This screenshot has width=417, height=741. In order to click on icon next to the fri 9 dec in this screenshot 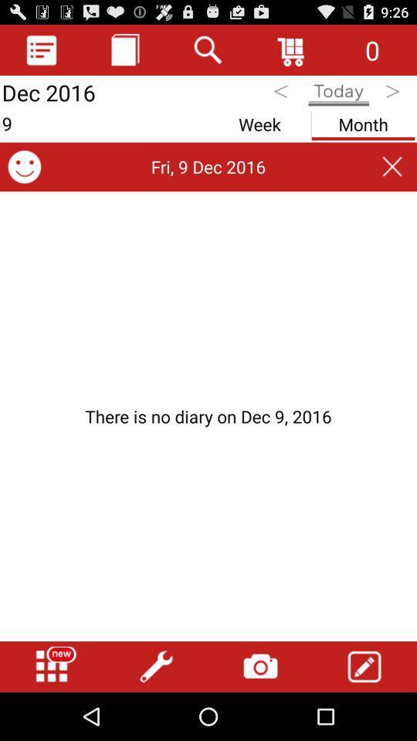, I will do `click(23, 167)`.